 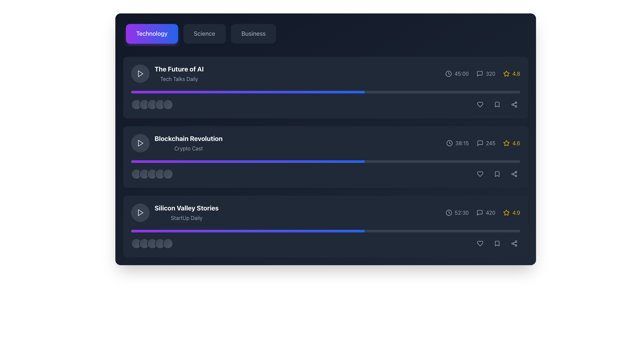 I want to click on the circular indicator with a gradient from gray to a darker tone, which is the fifth circle in a row of similar indicators located under the 'Silicon Valley Stories' media entry, so click(x=168, y=244).